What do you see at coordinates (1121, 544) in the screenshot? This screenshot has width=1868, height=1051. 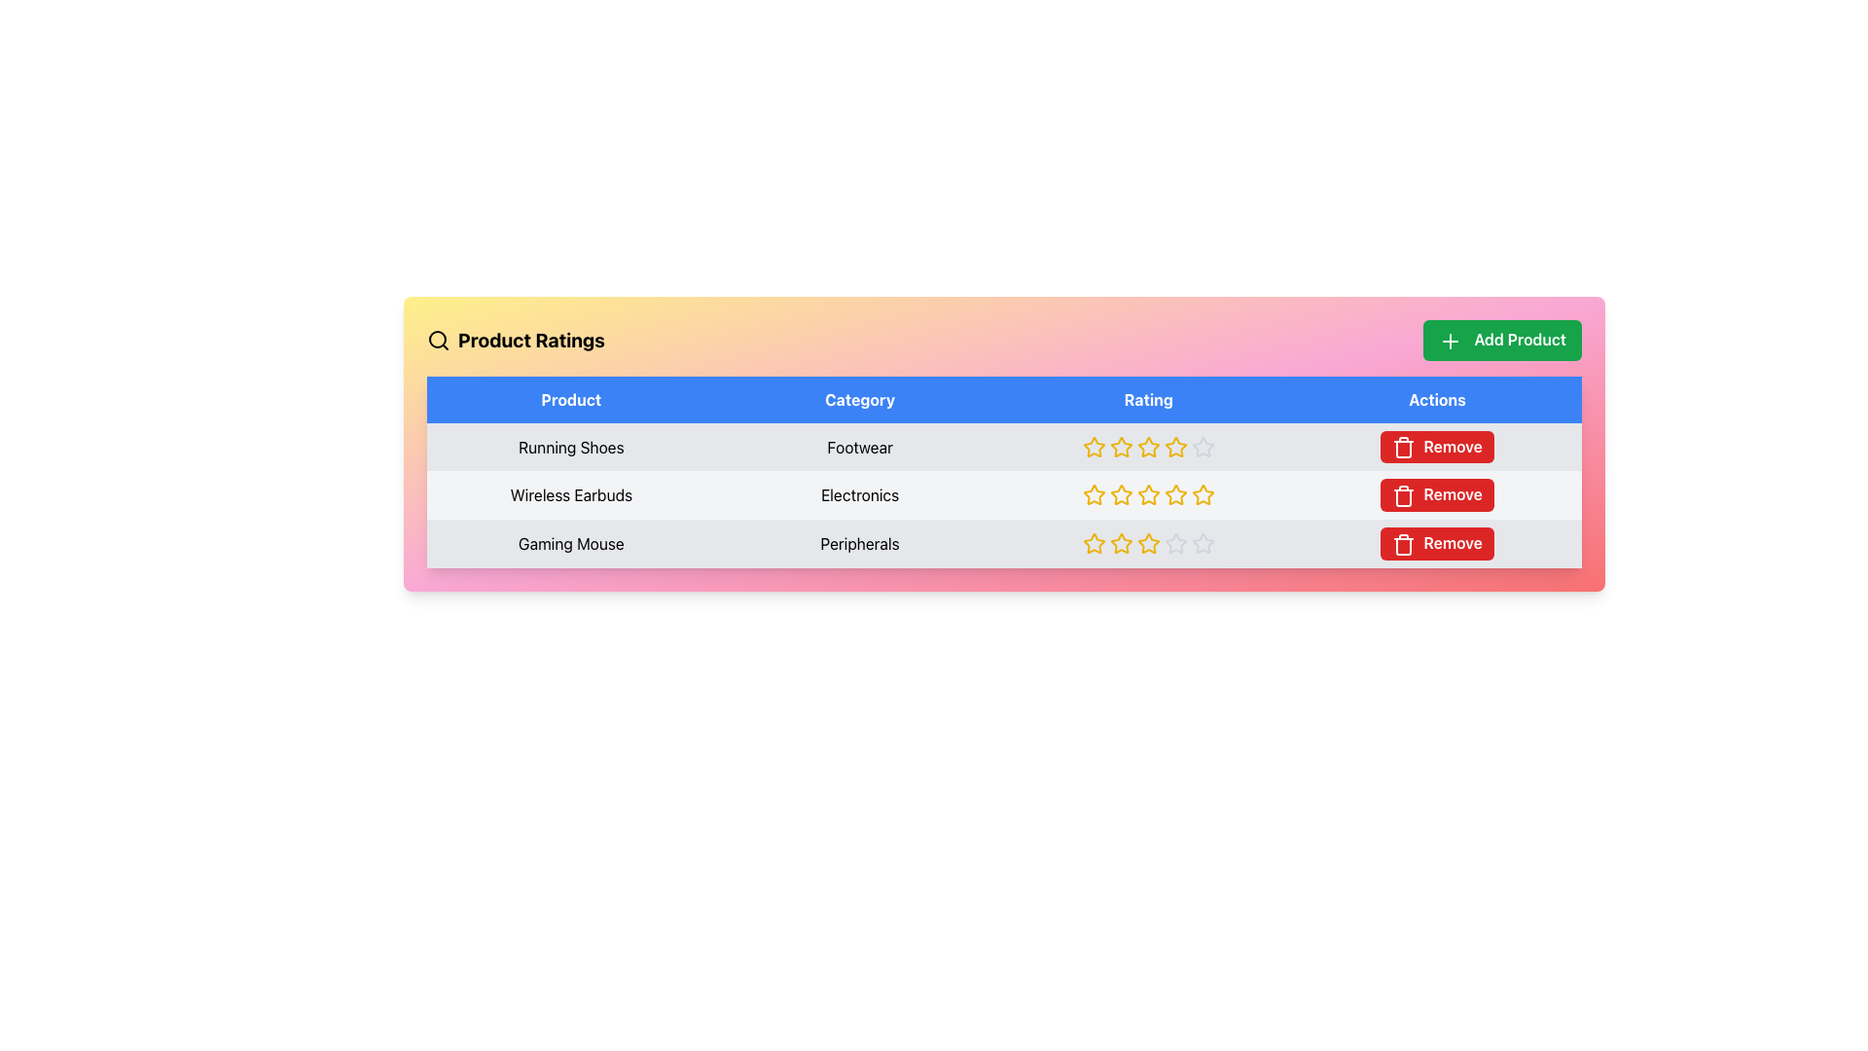 I see `the third star icon in the rating row for the product 'Gaming Mouse'` at bounding box center [1121, 544].